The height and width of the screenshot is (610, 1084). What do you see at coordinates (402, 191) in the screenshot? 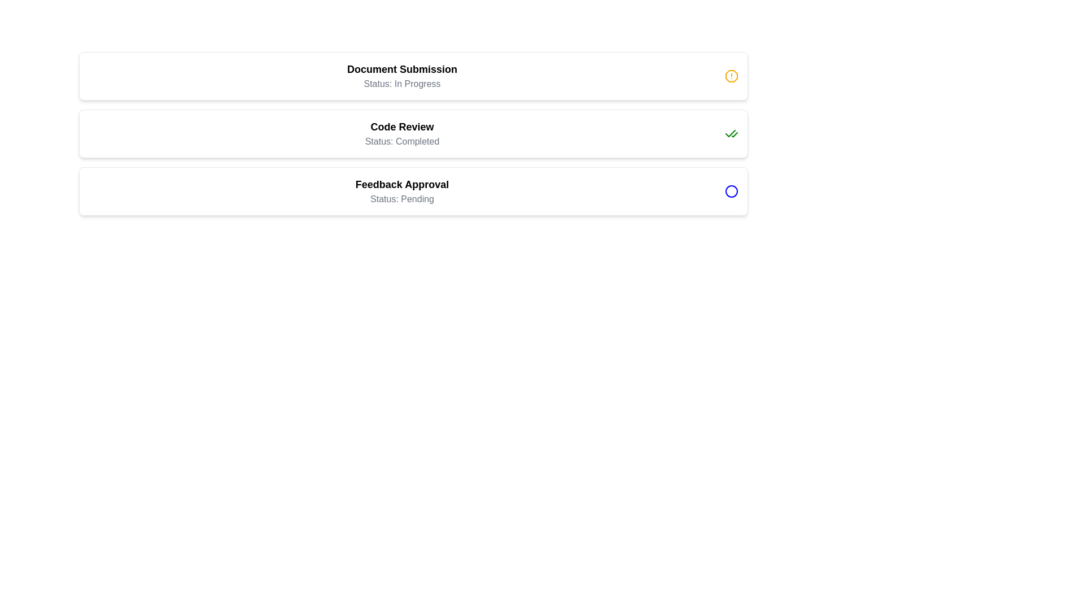
I see `the text label indicating the status 'Pending' for the 'Feedback Approval' task within the third card of the vertically stacked list` at bounding box center [402, 191].